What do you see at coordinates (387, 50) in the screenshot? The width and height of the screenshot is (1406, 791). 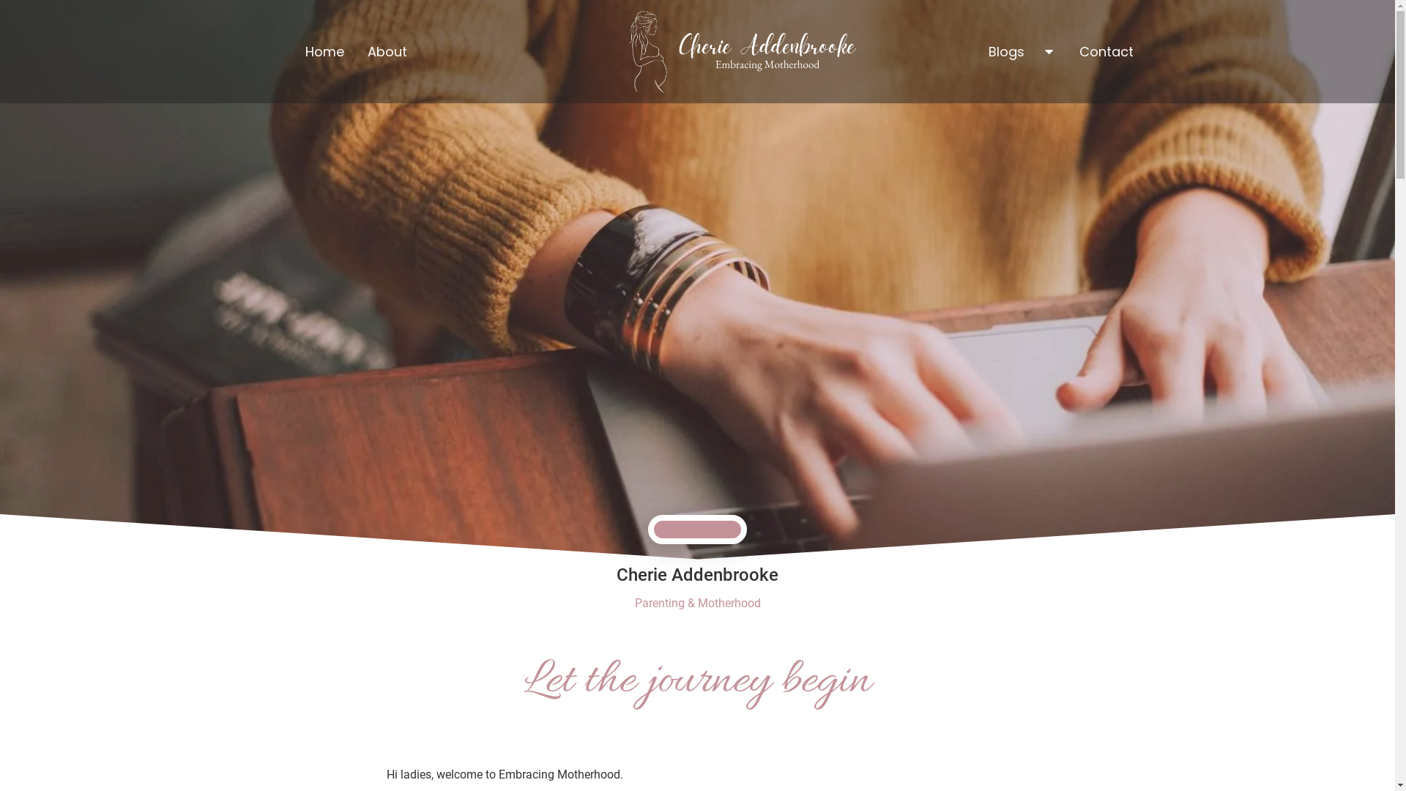 I see `'About'` at bounding box center [387, 50].